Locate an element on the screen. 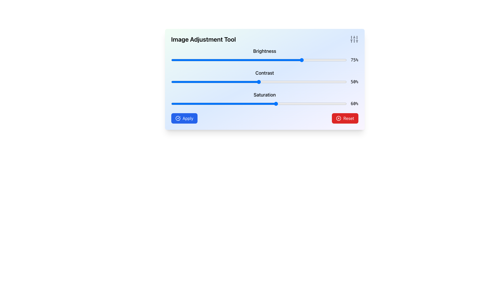 This screenshot has width=499, height=281. brightness is located at coordinates (259, 60).